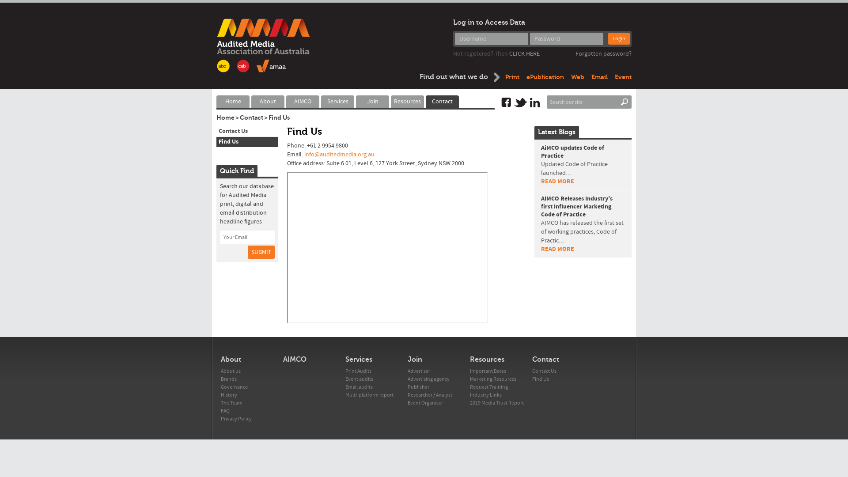 The height and width of the screenshot is (477, 848). I want to click on 'About us', so click(231, 371).